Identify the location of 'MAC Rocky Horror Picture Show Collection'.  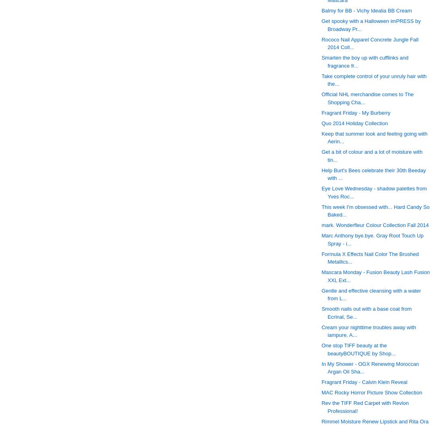
(372, 392).